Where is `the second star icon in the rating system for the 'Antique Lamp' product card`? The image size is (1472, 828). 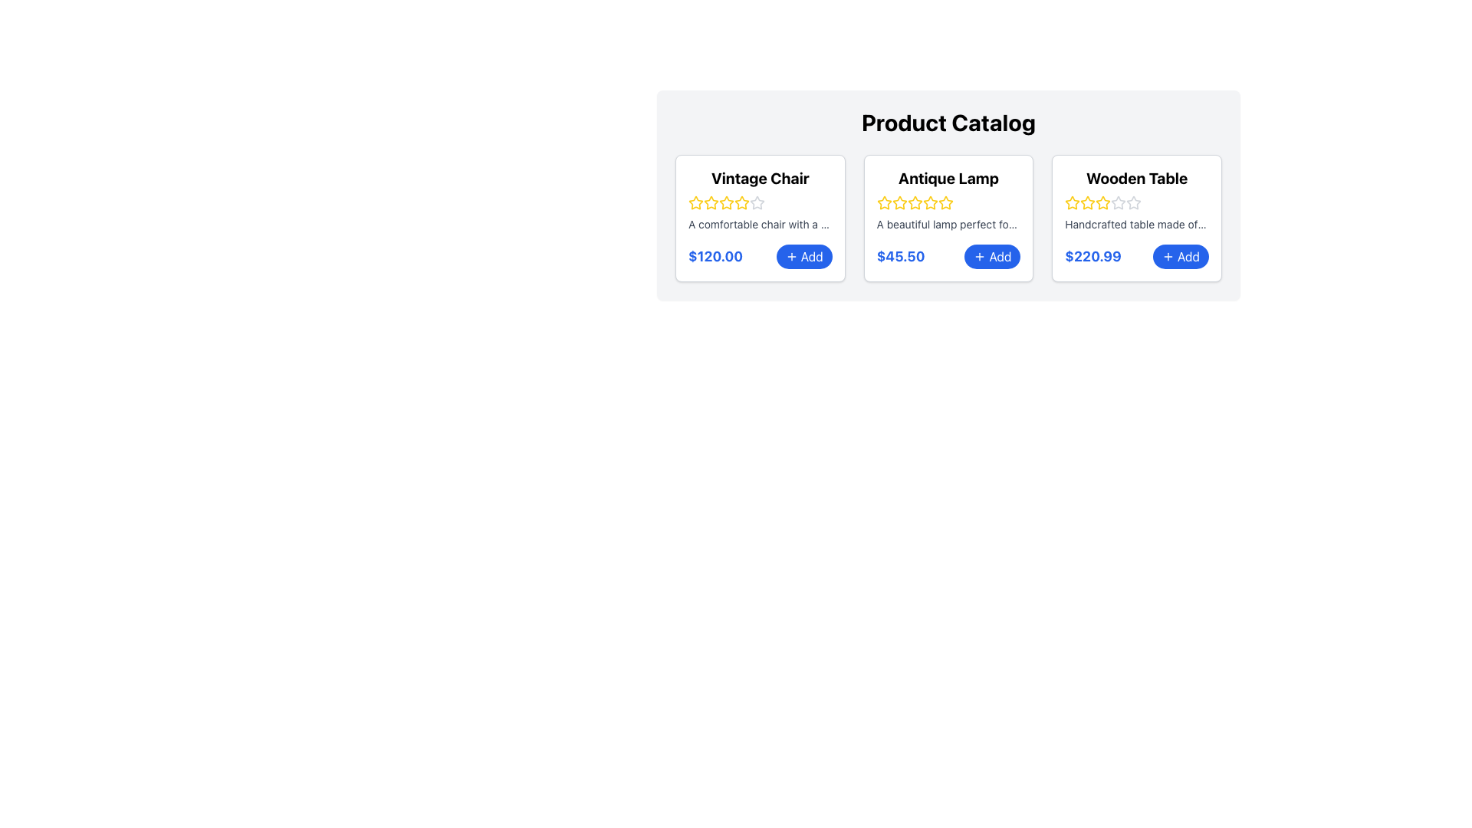 the second star icon in the rating system for the 'Antique Lamp' product card is located at coordinates (899, 202).